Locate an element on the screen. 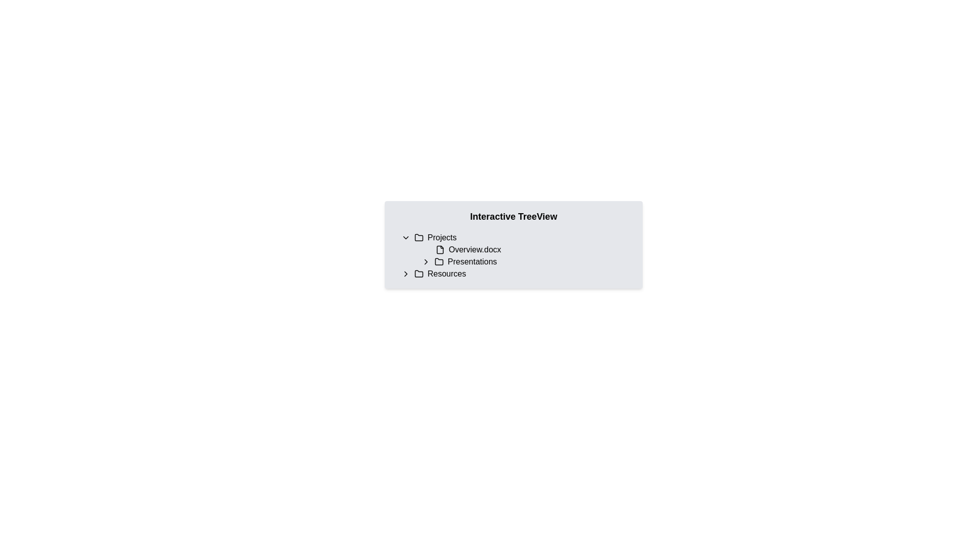 The width and height of the screenshot is (967, 543). the 'Resources' text label to expand or collapse the associated node is located at coordinates (446, 274).